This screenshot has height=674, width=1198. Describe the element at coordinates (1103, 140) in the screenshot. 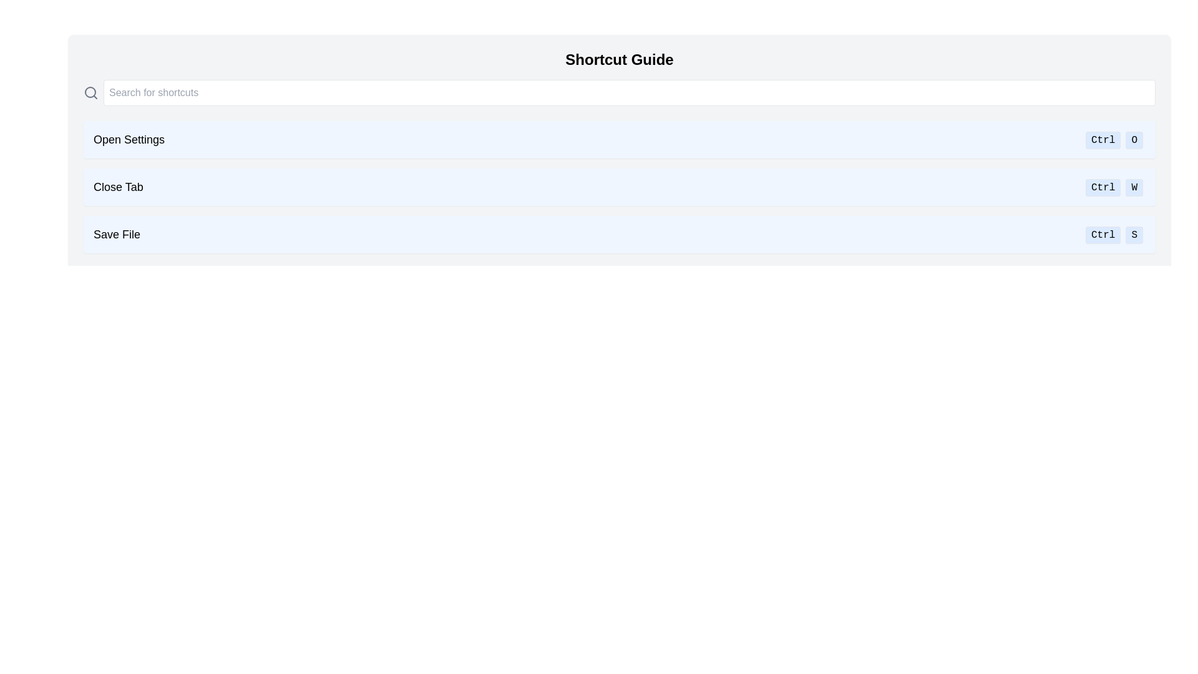

I see `the 'Ctrl' button, which is a button-like block with a light blue background and text displayed in a sans-serif font, located to the left of the 'O' button in the shortcut guide` at that location.